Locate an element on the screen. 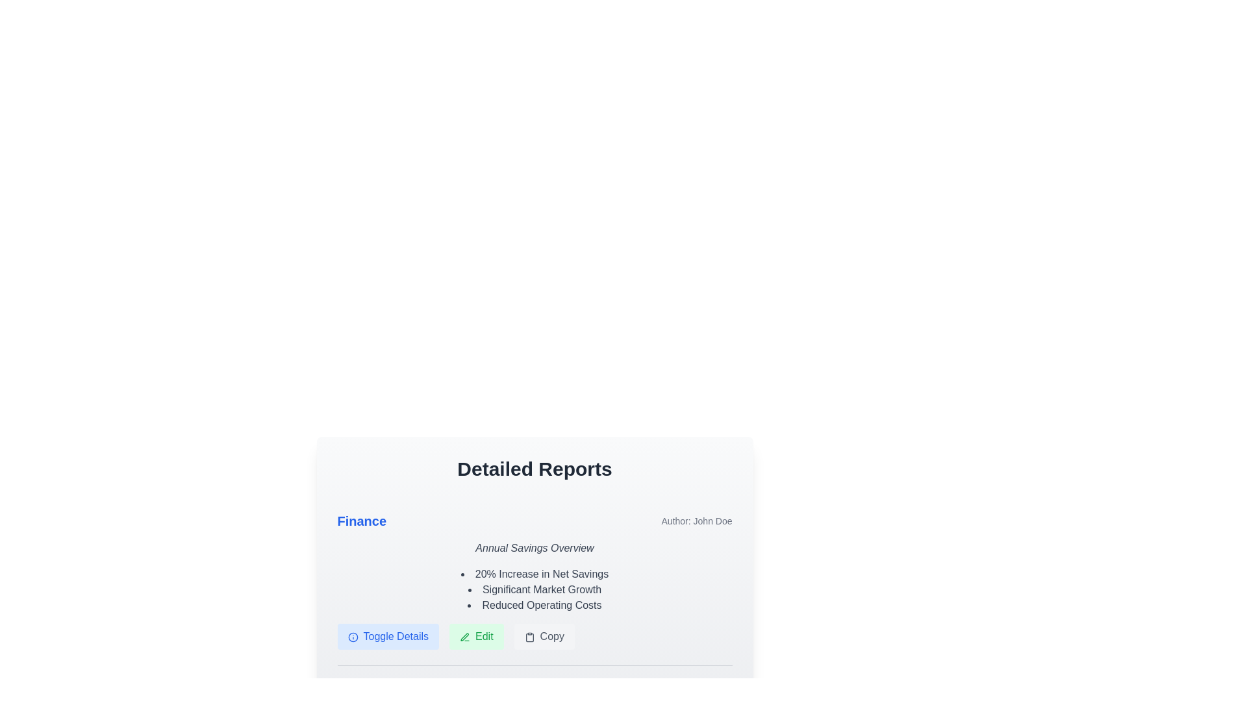  the bulleted list containing items: '20% Increase in Net Savings', 'Significant Market Growth', and 'Reduced Operating Costs', located beneath the 'Annual Savings Overview' subheading is located at coordinates (535, 590).